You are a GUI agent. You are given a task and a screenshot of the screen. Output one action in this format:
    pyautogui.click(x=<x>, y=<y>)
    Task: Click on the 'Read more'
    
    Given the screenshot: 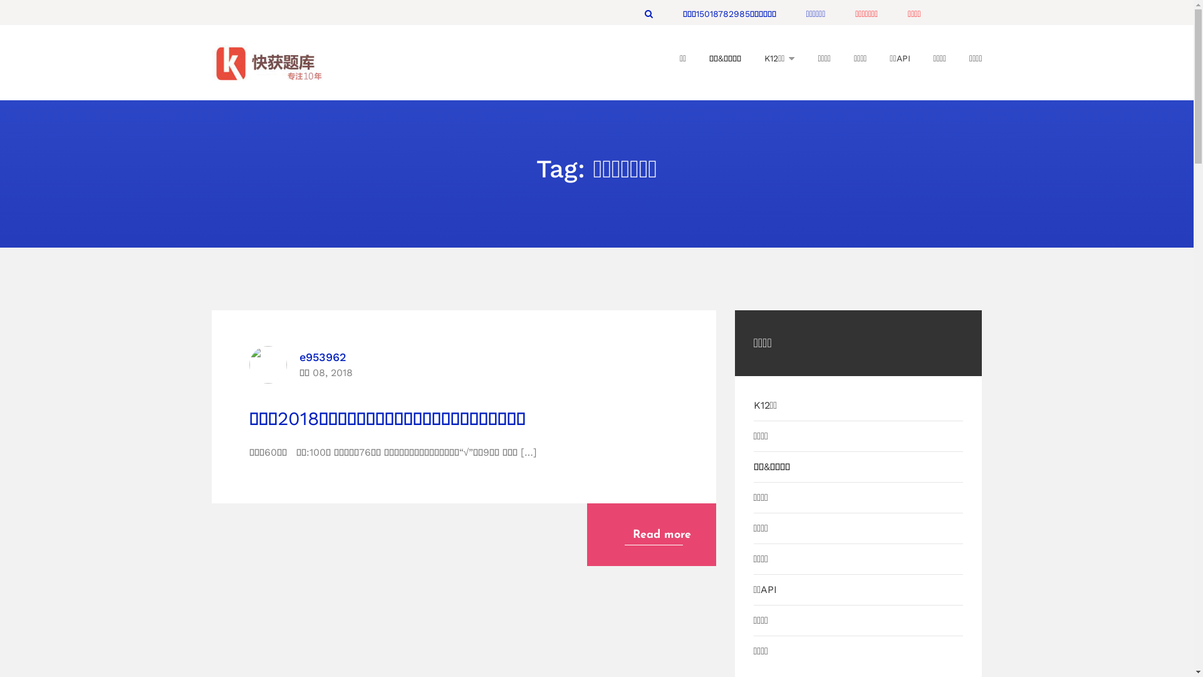 What is the action you would take?
    pyautogui.click(x=586, y=534)
    